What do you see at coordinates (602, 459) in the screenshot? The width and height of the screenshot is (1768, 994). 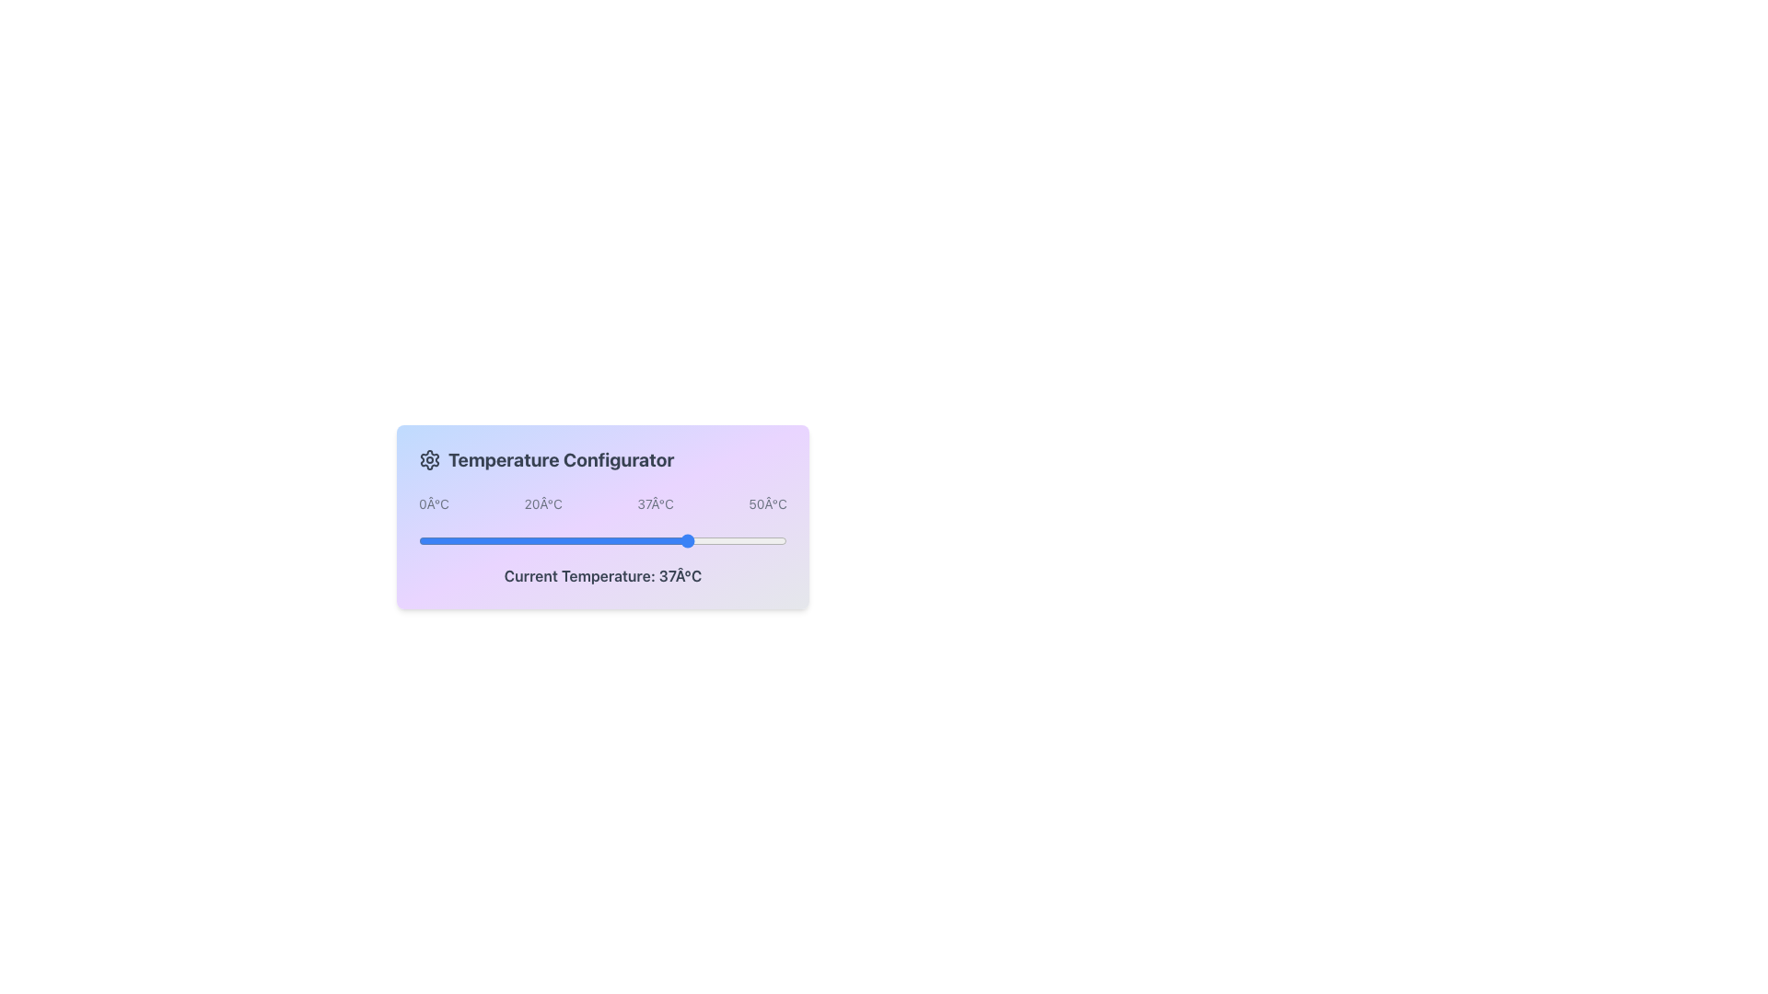 I see `the header element displaying the bold text 'Temperature Configurator' with a settings gear icon to its left, located at the top of the card layout` at bounding box center [602, 459].